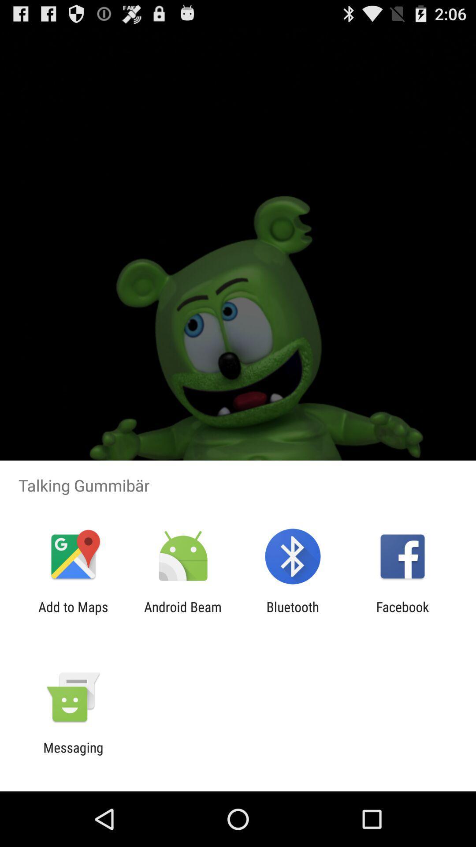 This screenshot has height=847, width=476. What do you see at coordinates (402, 614) in the screenshot?
I see `app next to the bluetooth item` at bounding box center [402, 614].